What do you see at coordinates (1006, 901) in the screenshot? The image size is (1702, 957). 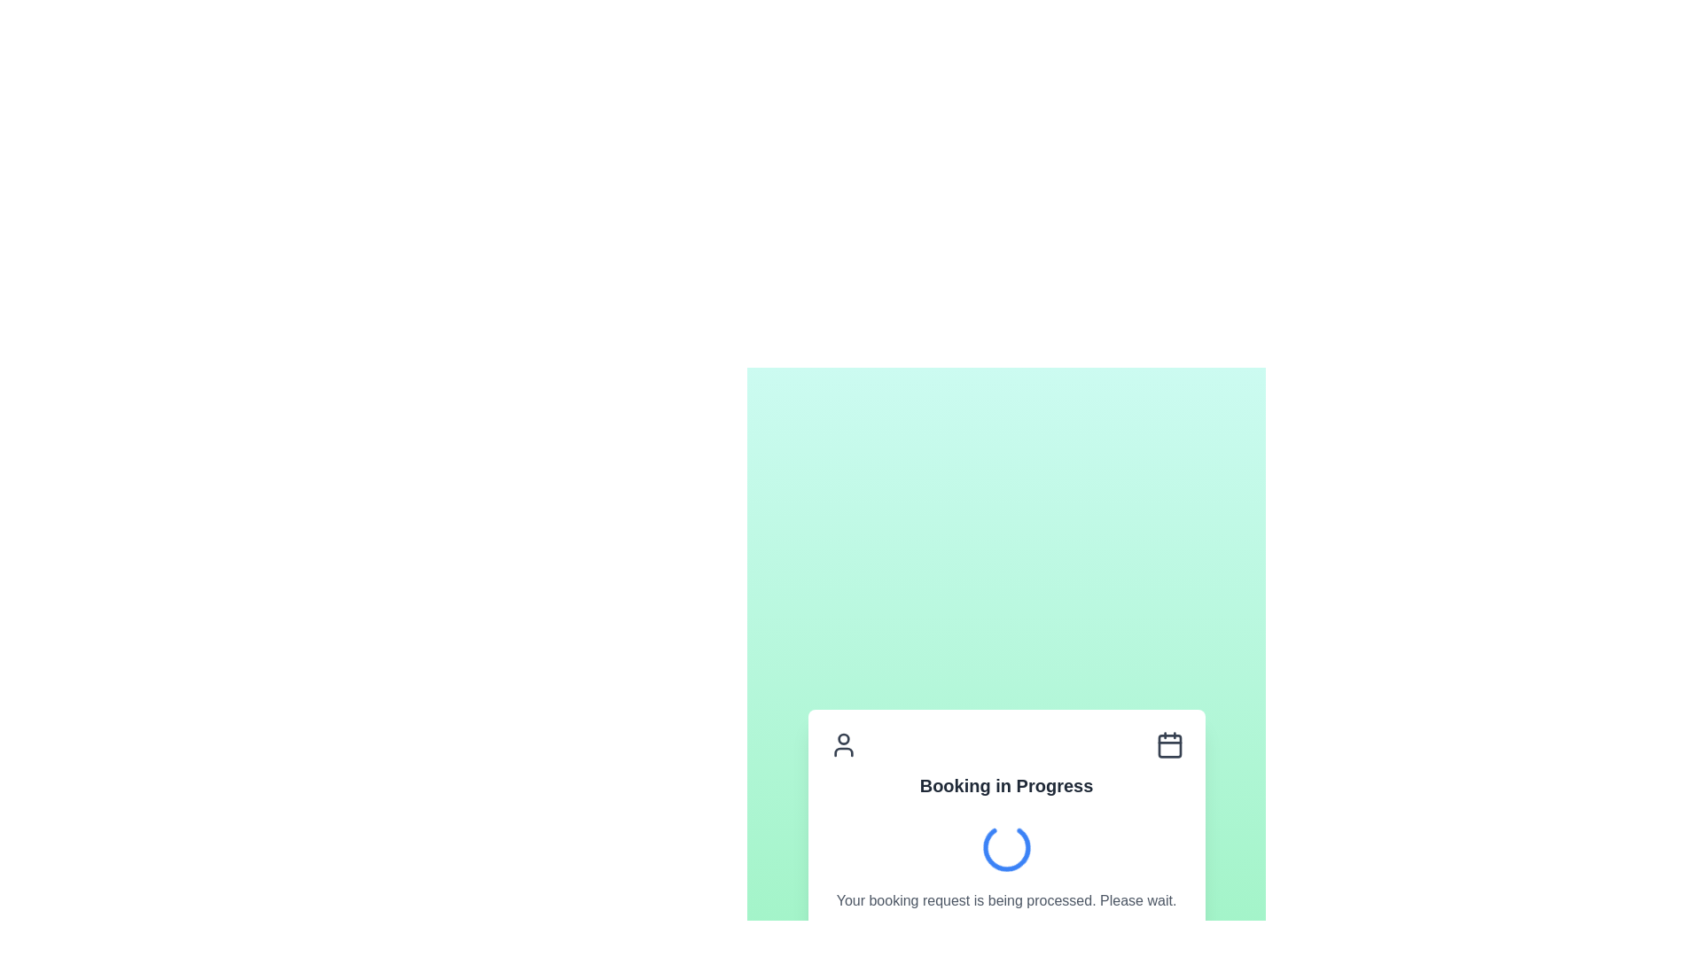 I see `the static text component that informs the user about the current status of their booking request, which is located in the modal above the booking buttons` at bounding box center [1006, 901].